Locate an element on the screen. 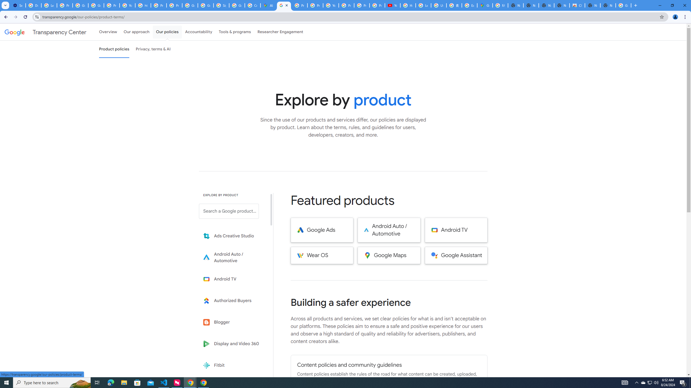 This screenshot has width=691, height=388. 'Privacy Help Center - Policies Help' is located at coordinates (315, 5).